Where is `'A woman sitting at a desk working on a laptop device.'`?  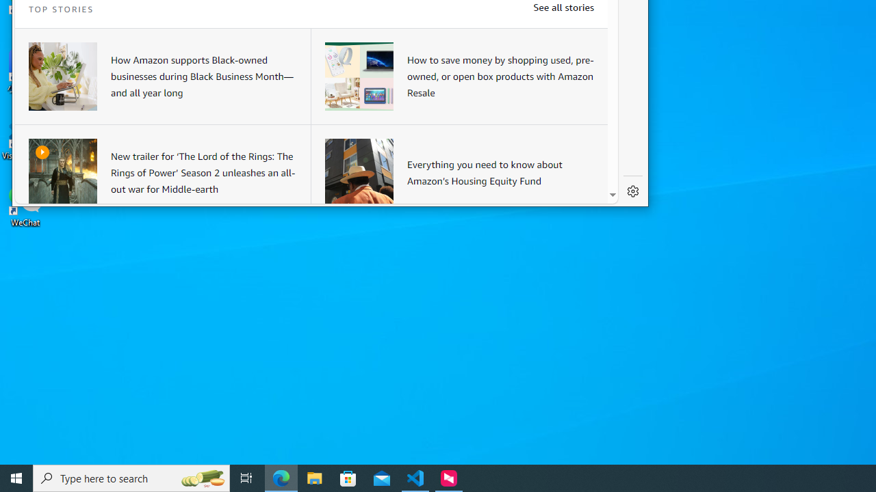 'A woman sitting at a desk working on a laptop device.' is located at coordinates (62, 76).